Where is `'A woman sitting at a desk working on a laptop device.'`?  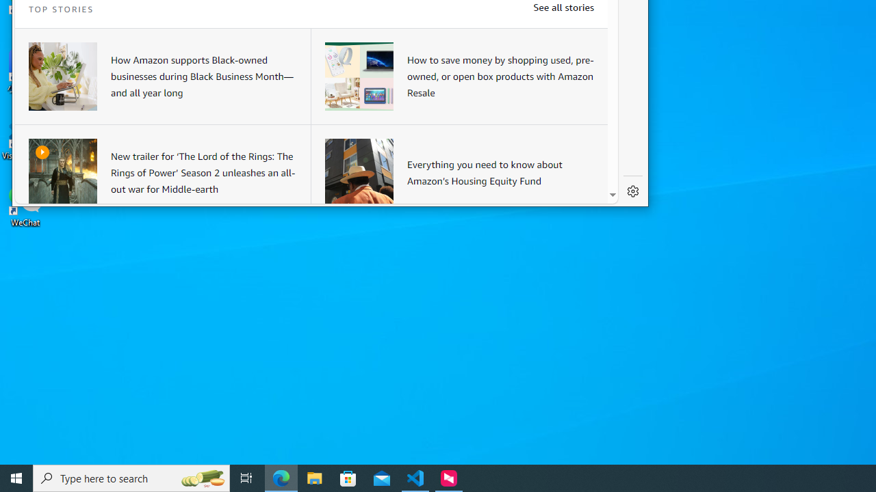 'A woman sitting at a desk working on a laptop device.' is located at coordinates (62, 76).